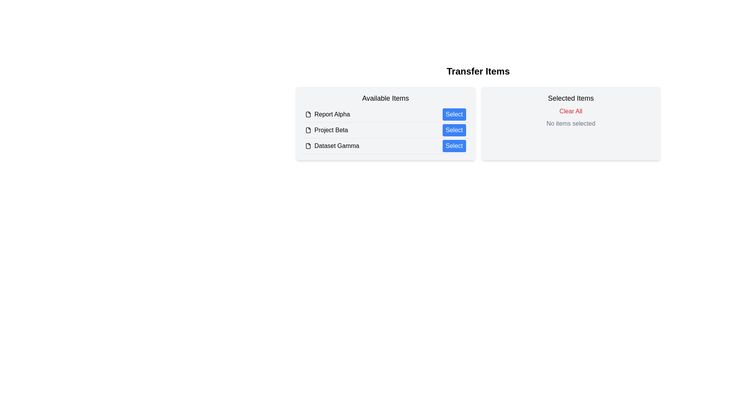 The width and height of the screenshot is (739, 415). What do you see at coordinates (328, 114) in the screenshot?
I see `the label representing the first item` at bounding box center [328, 114].